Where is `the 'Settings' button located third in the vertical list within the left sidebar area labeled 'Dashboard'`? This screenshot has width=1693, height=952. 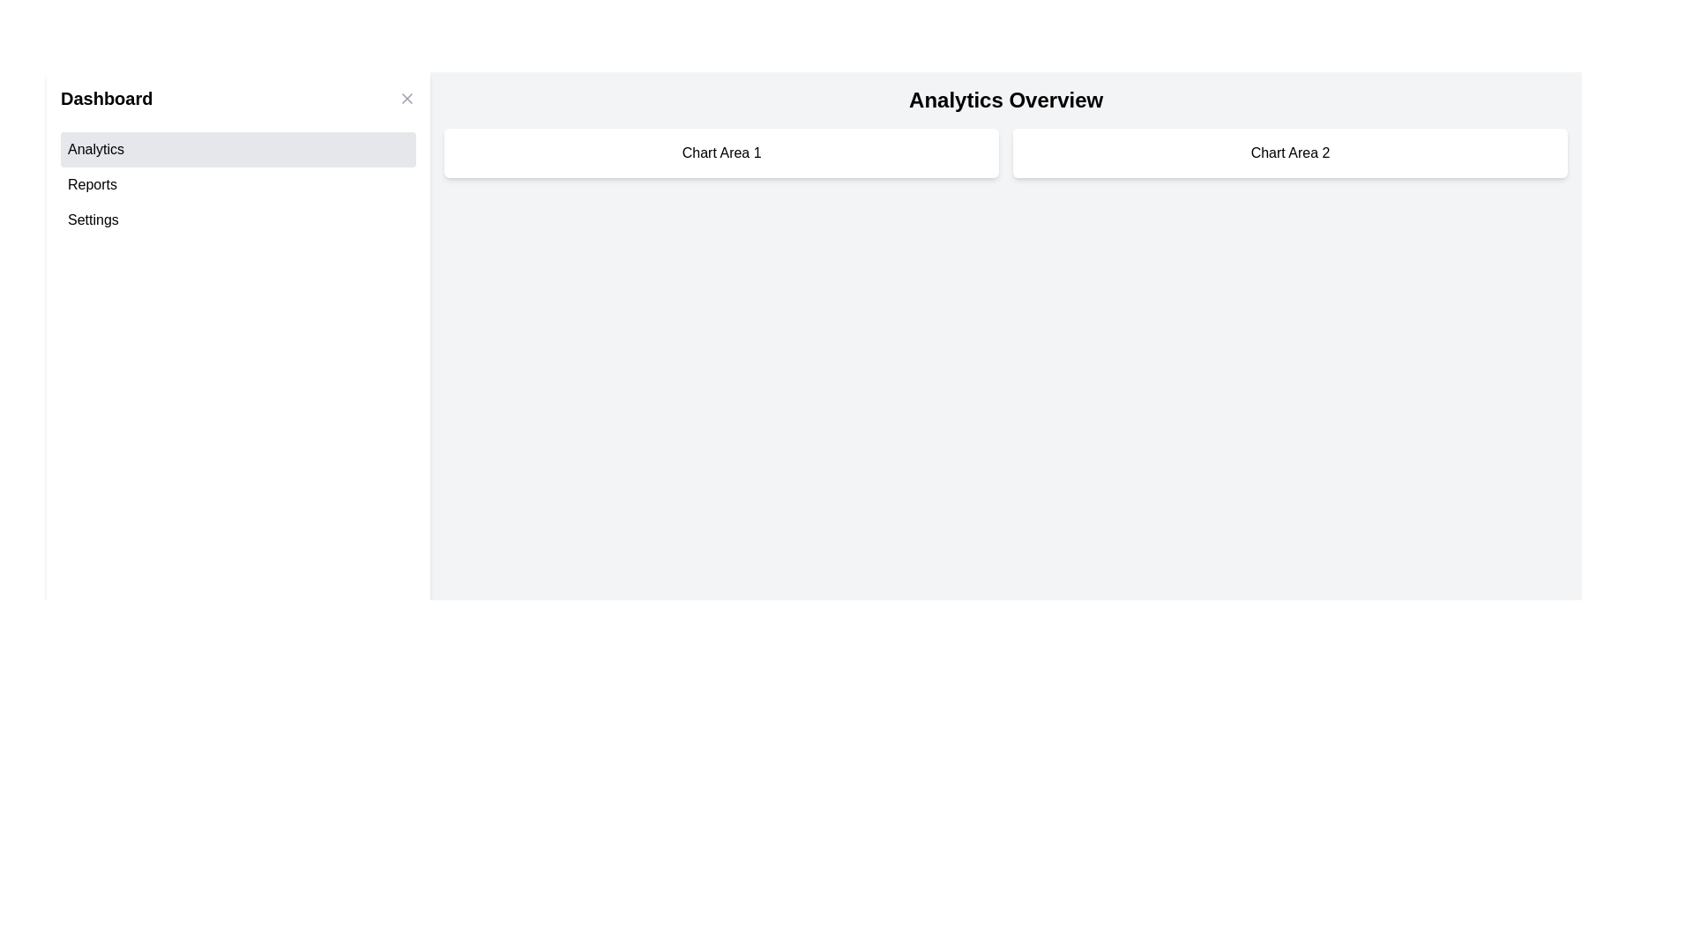 the 'Settings' button located third in the vertical list within the left sidebar area labeled 'Dashboard' is located at coordinates (237, 219).